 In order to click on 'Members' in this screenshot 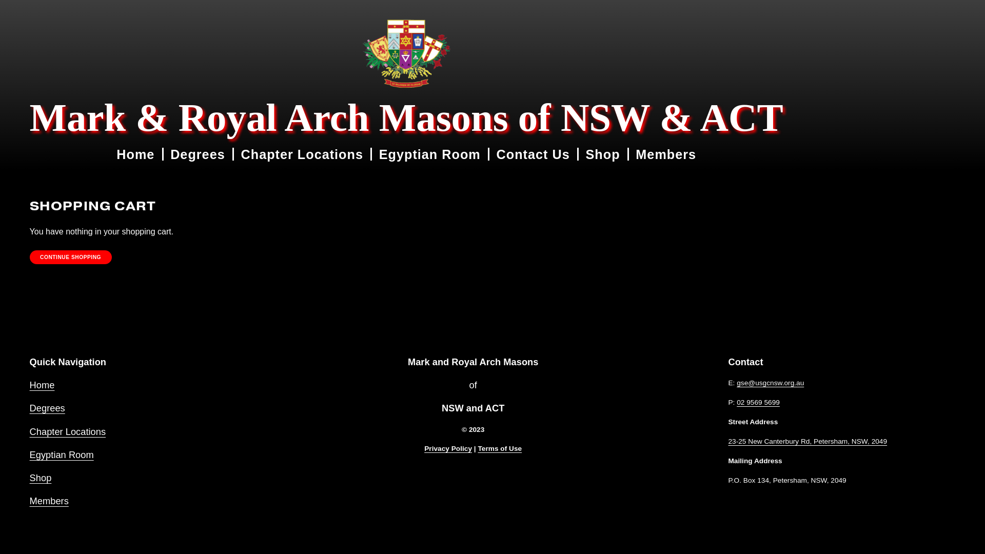, I will do `click(665, 154)`.